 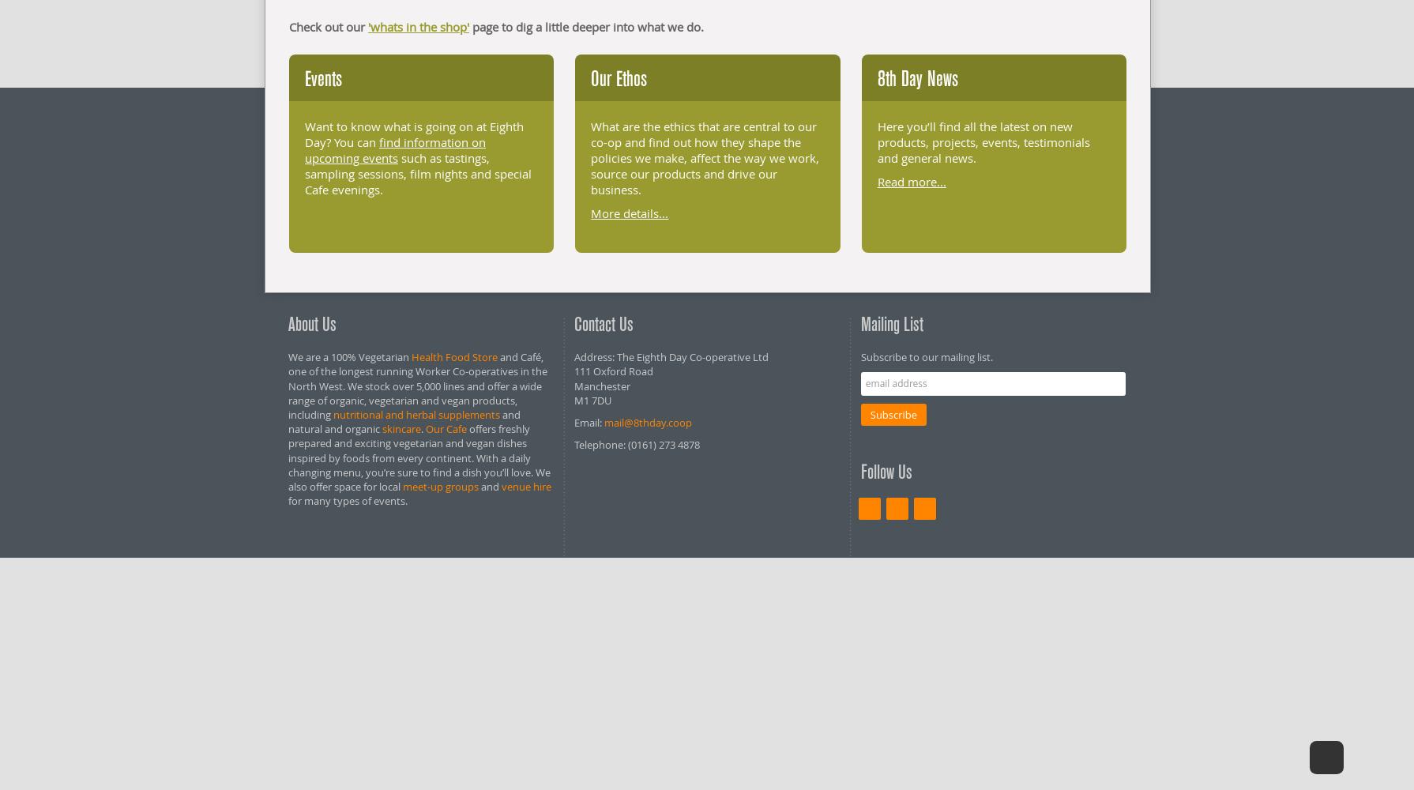 I want to click on 'Contact Us', so click(x=603, y=324).